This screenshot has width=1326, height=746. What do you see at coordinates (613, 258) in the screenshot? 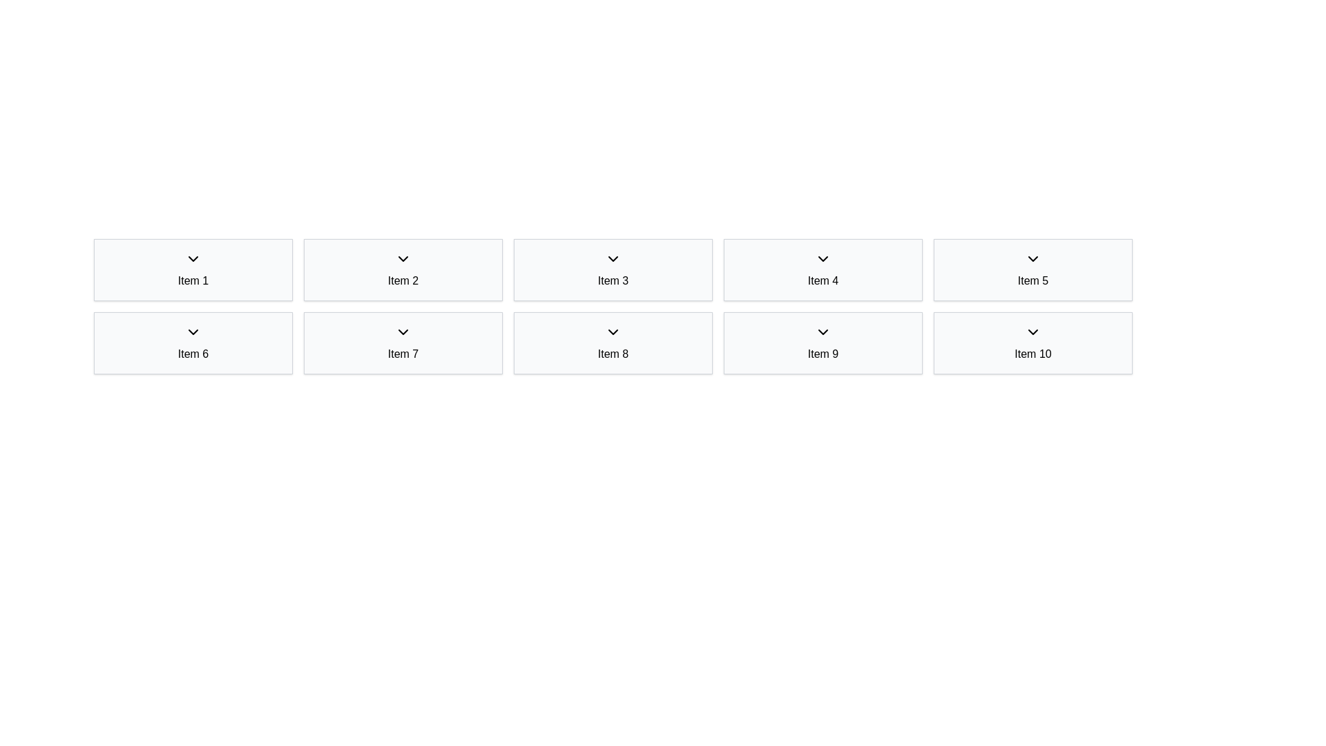
I see `the chevron icon associated with 'Item 3' to observe its hover effects` at bounding box center [613, 258].